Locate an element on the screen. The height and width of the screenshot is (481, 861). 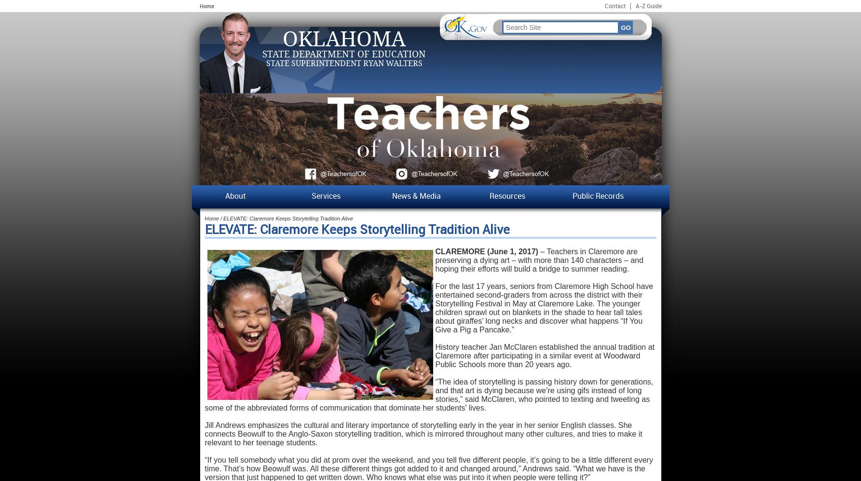
'Careers' is located at coordinates (205, 321).